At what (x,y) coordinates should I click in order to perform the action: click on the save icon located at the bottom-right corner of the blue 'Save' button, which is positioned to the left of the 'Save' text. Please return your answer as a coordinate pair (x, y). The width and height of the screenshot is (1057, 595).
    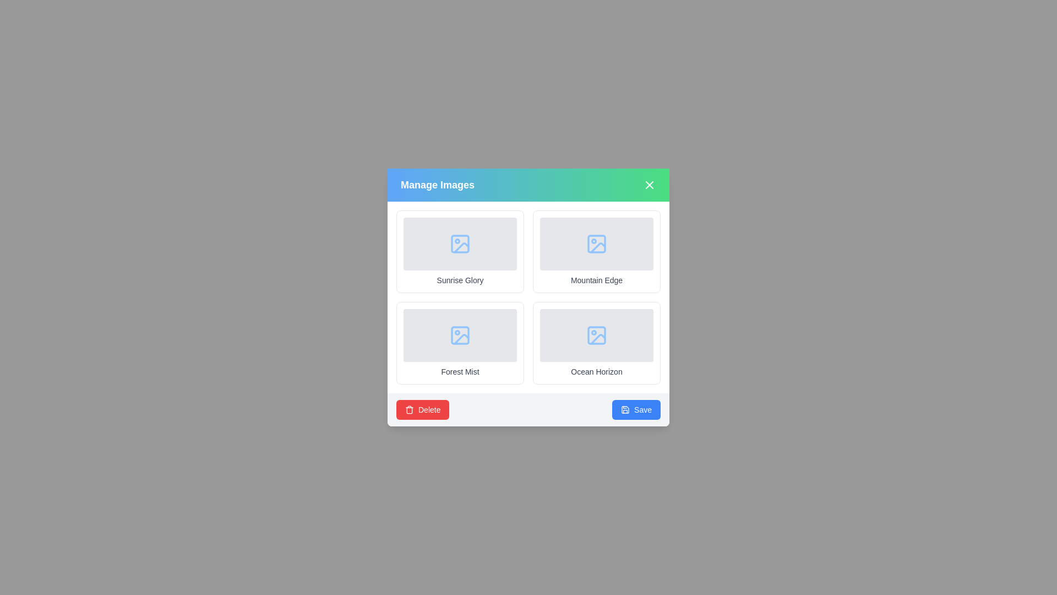
    Looking at the image, I should click on (625, 410).